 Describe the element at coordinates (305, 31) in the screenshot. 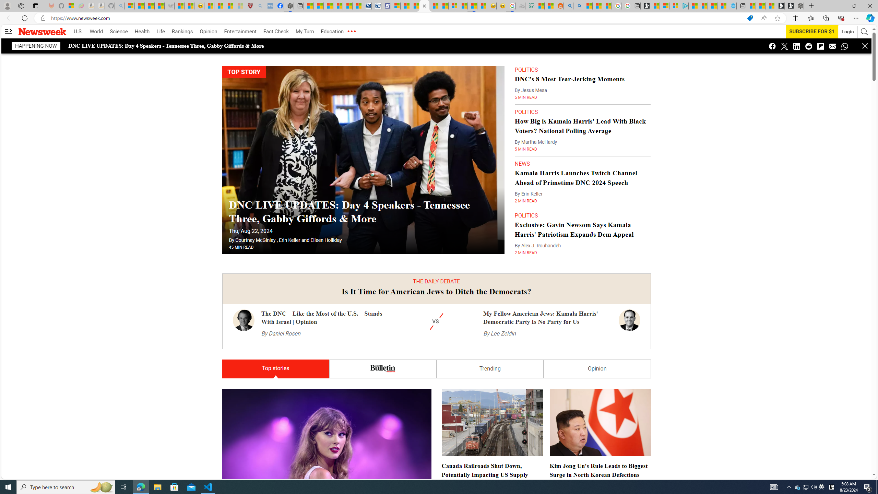

I see `'My Turn'` at that location.